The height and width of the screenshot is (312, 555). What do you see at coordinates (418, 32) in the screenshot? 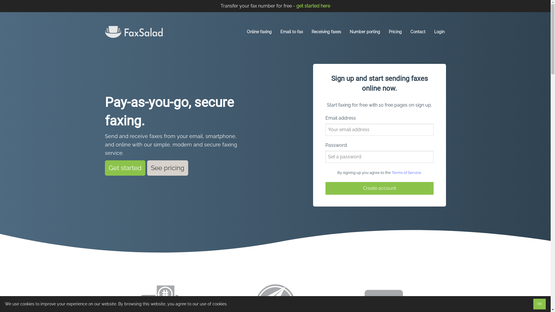
I see `'Contact'` at bounding box center [418, 32].